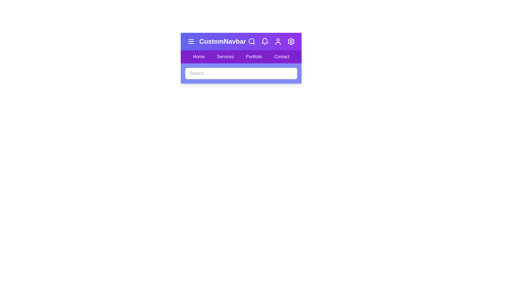  Describe the element at coordinates (265, 41) in the screenshot. I see `the bell icon to access notifications` at that location.